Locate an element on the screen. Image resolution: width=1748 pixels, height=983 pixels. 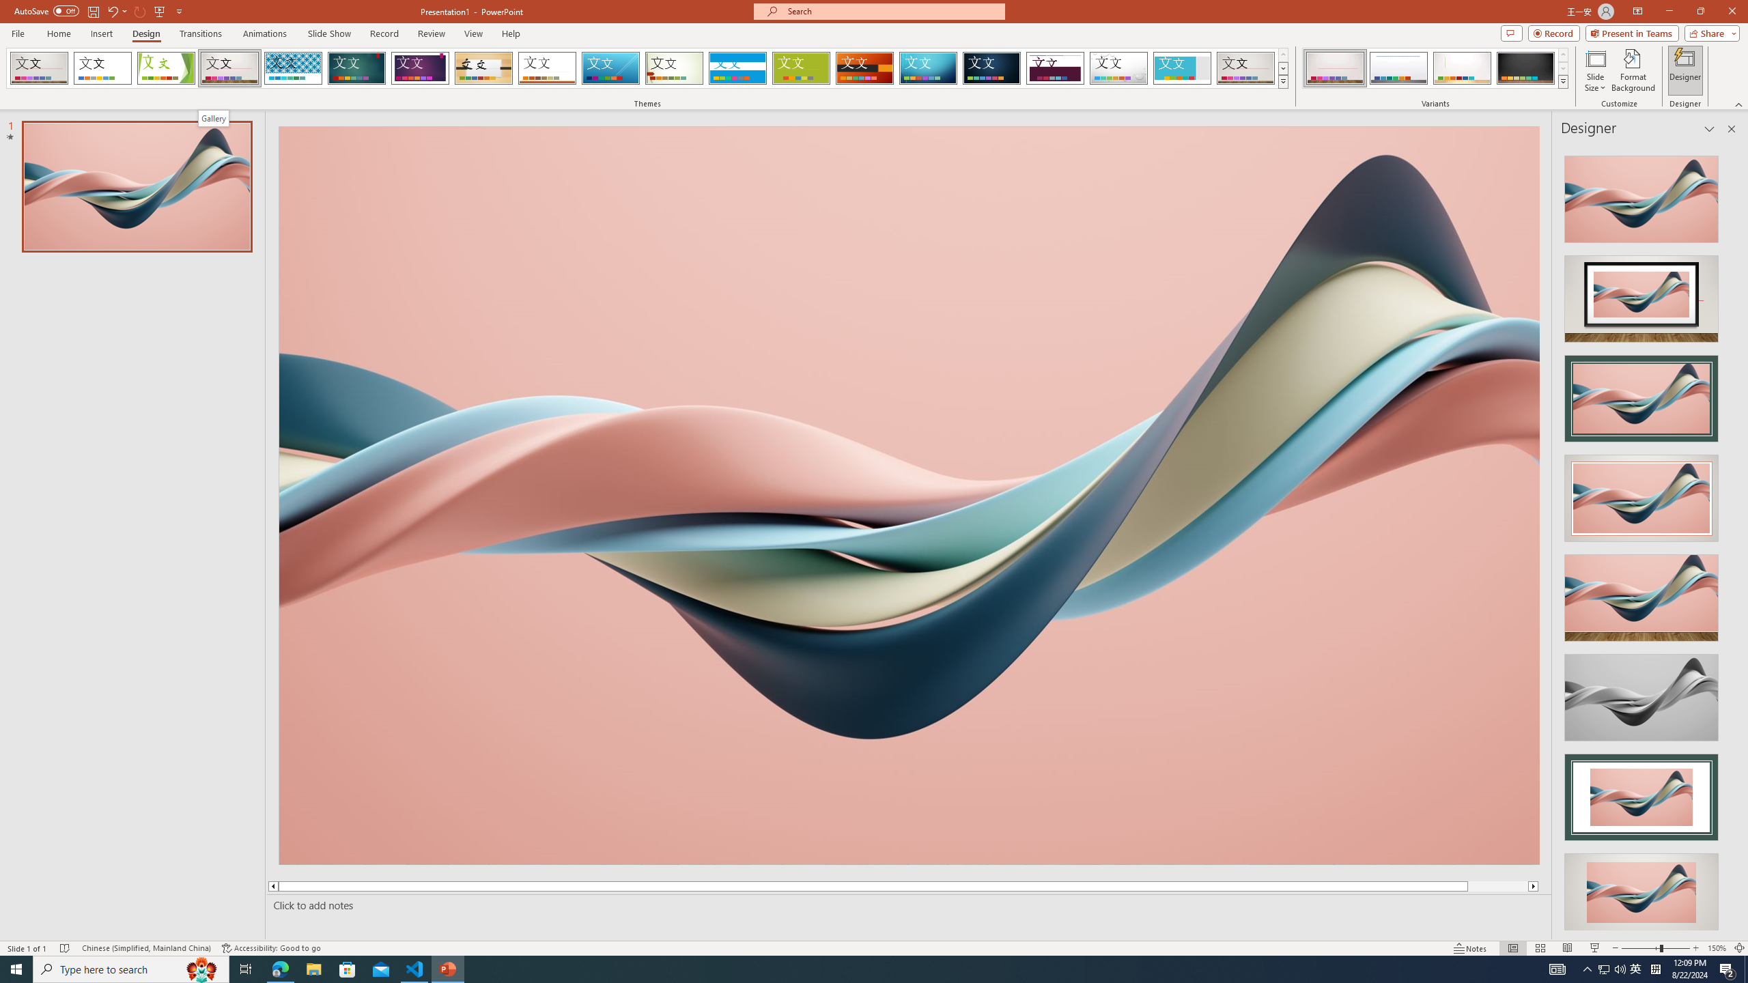
'Themes' is located at coordinates (1283, 81).